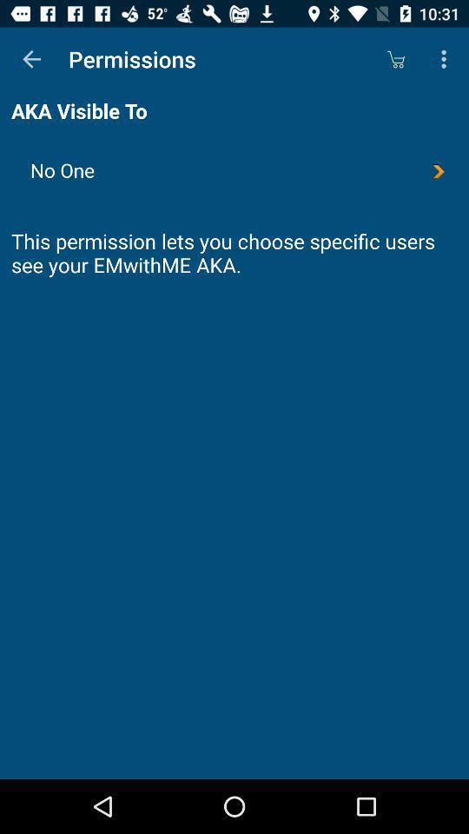  What do you see at coordinates (31, 59) in the screenshot?
I see `the item above aka visible to item` at bounding box center [31, 59].